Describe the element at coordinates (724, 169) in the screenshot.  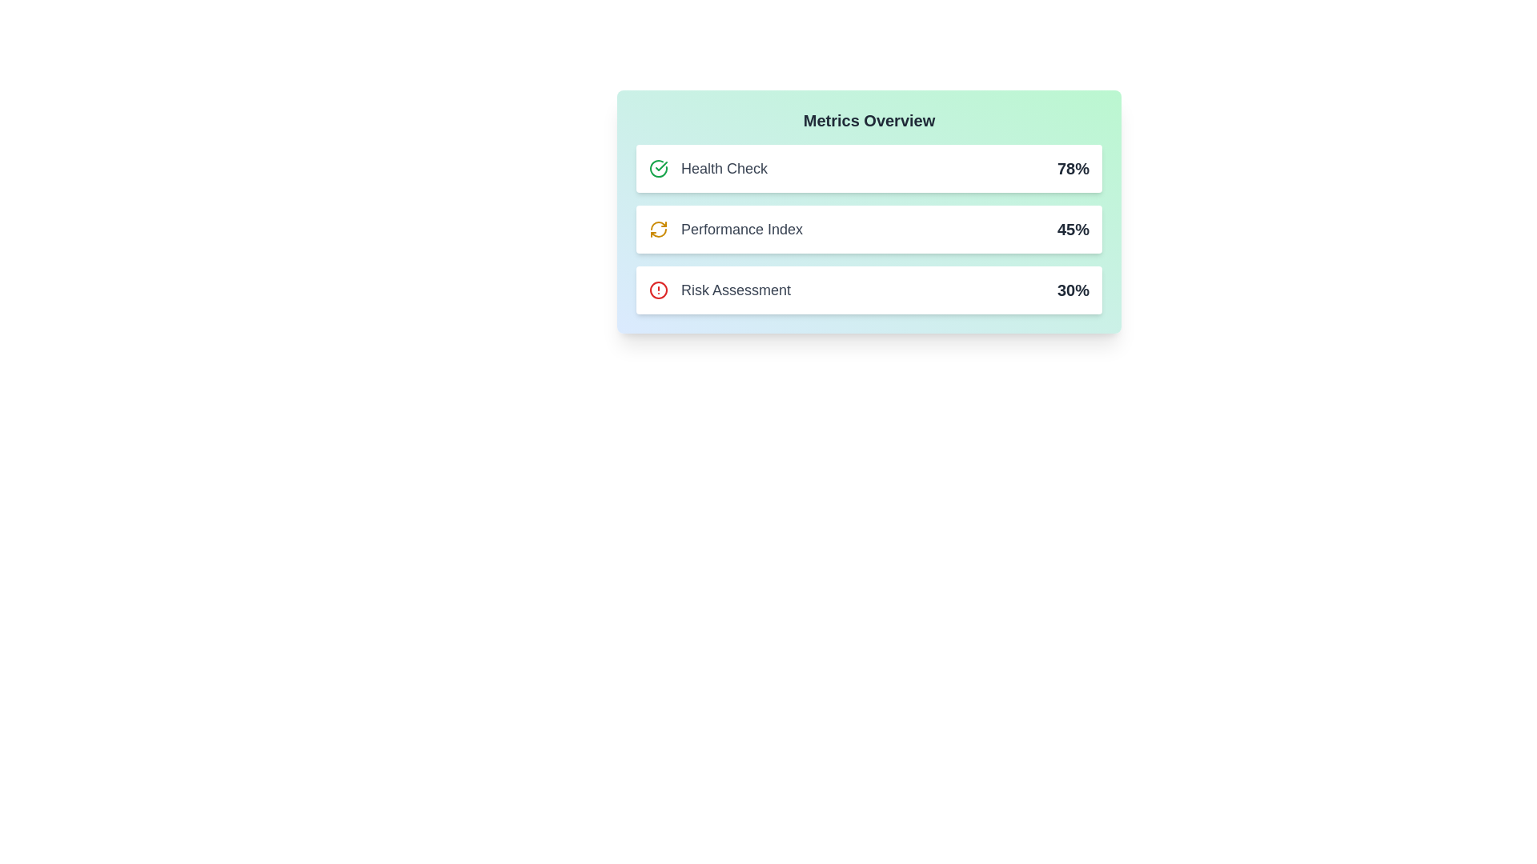
I see `the 'Health Check' text label, which is styled with a medium font weight and gray color, located in the first row of a list within the 'Metrics Overview' box` at that location.